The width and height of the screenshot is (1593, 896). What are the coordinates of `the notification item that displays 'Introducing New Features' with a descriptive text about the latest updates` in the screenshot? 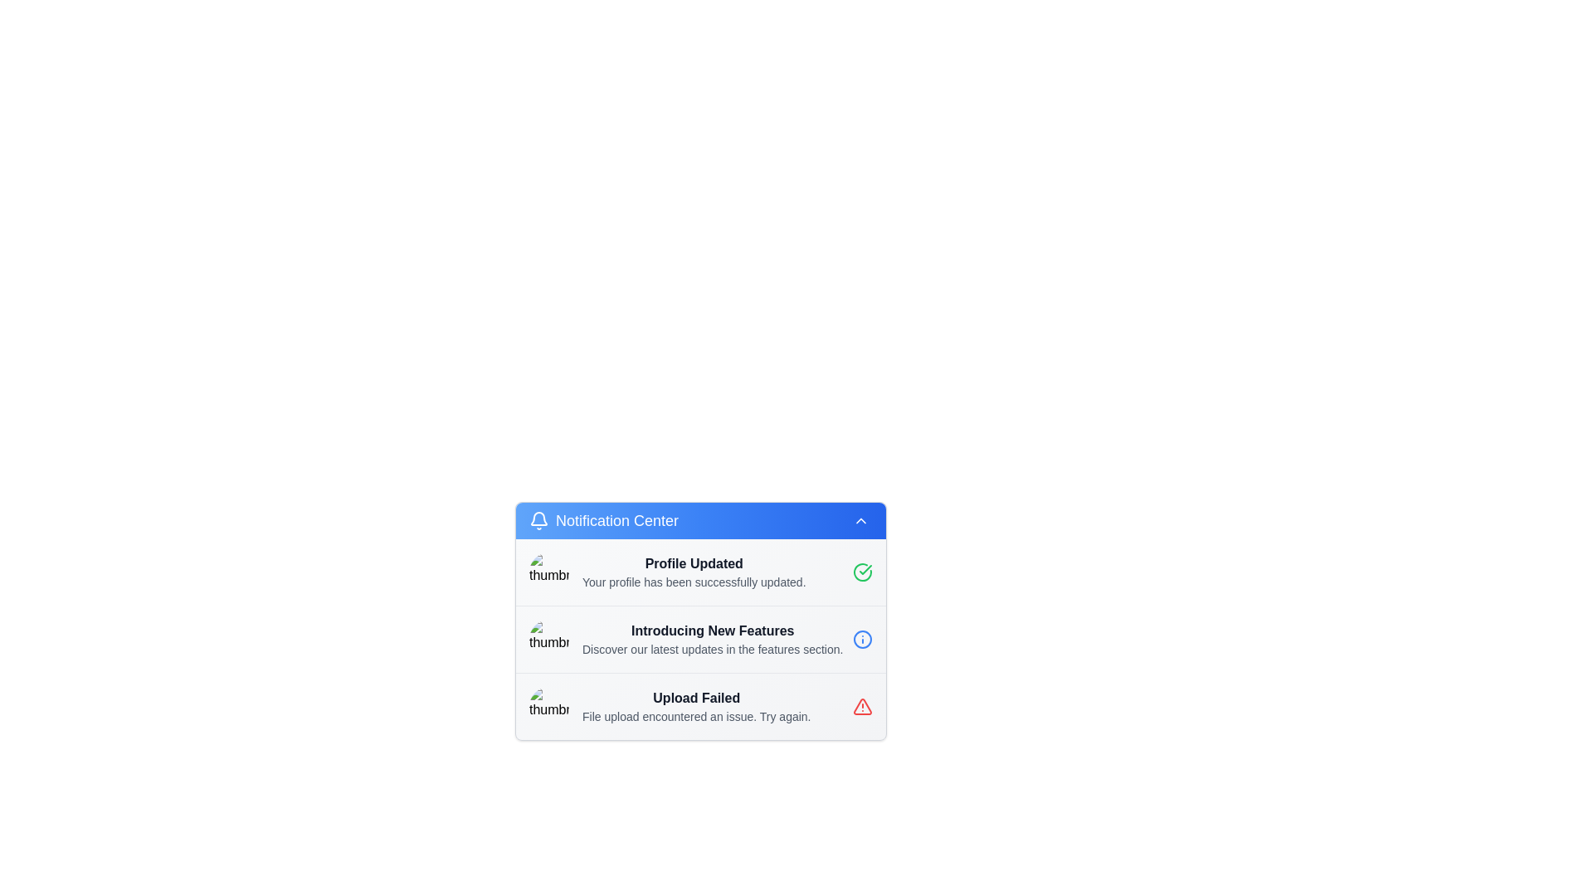 It's located at (700, 638).